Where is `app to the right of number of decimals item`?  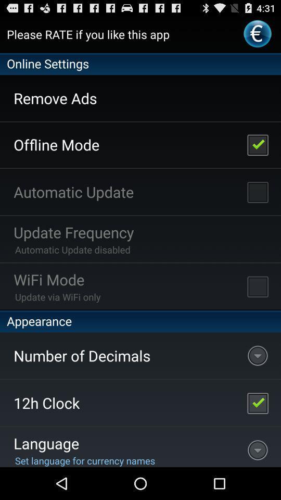 app to the right of number of decimals item is located at coordinates (257, 402).